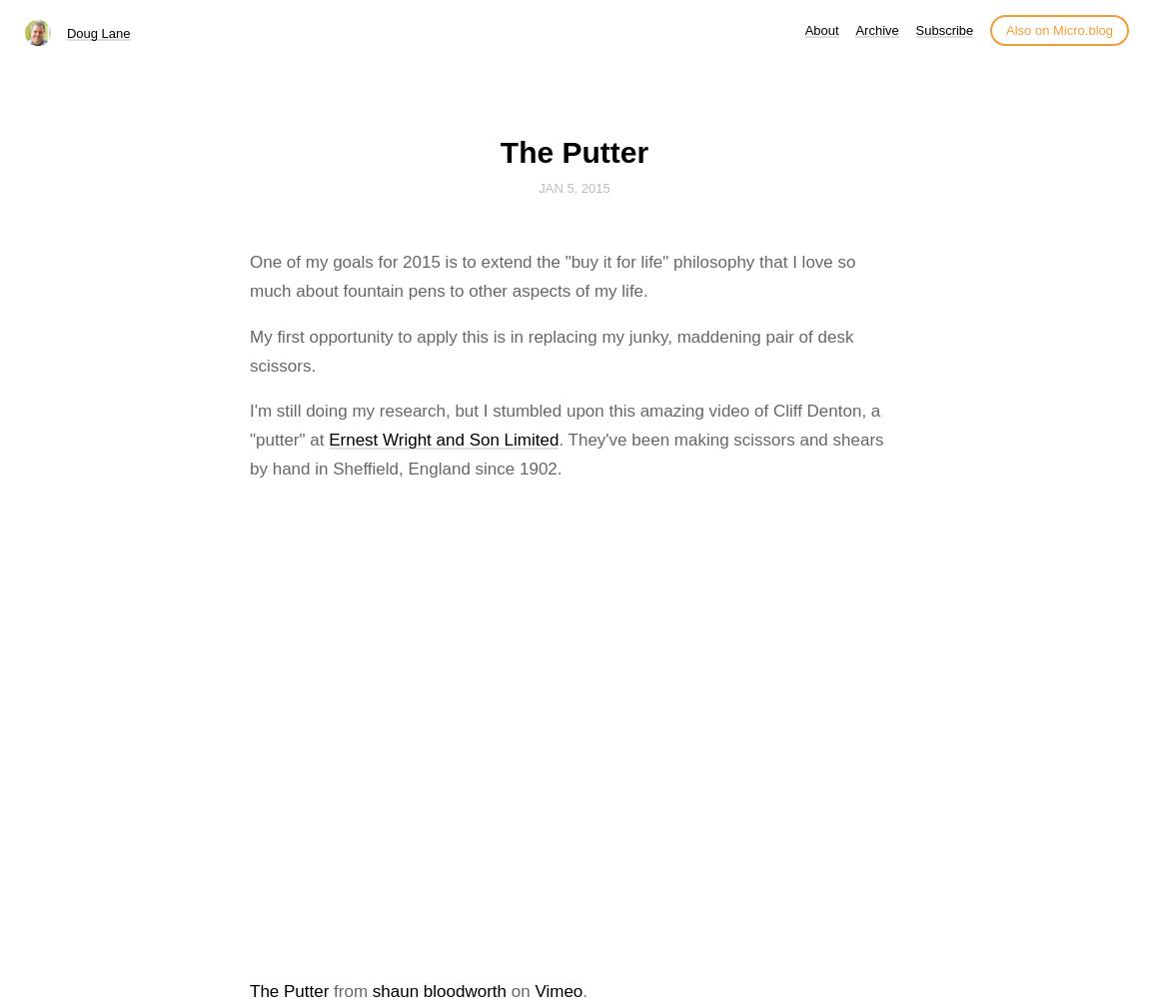 The image size is (1149, 999). I want to click on 'Archive', so click(876, 30).